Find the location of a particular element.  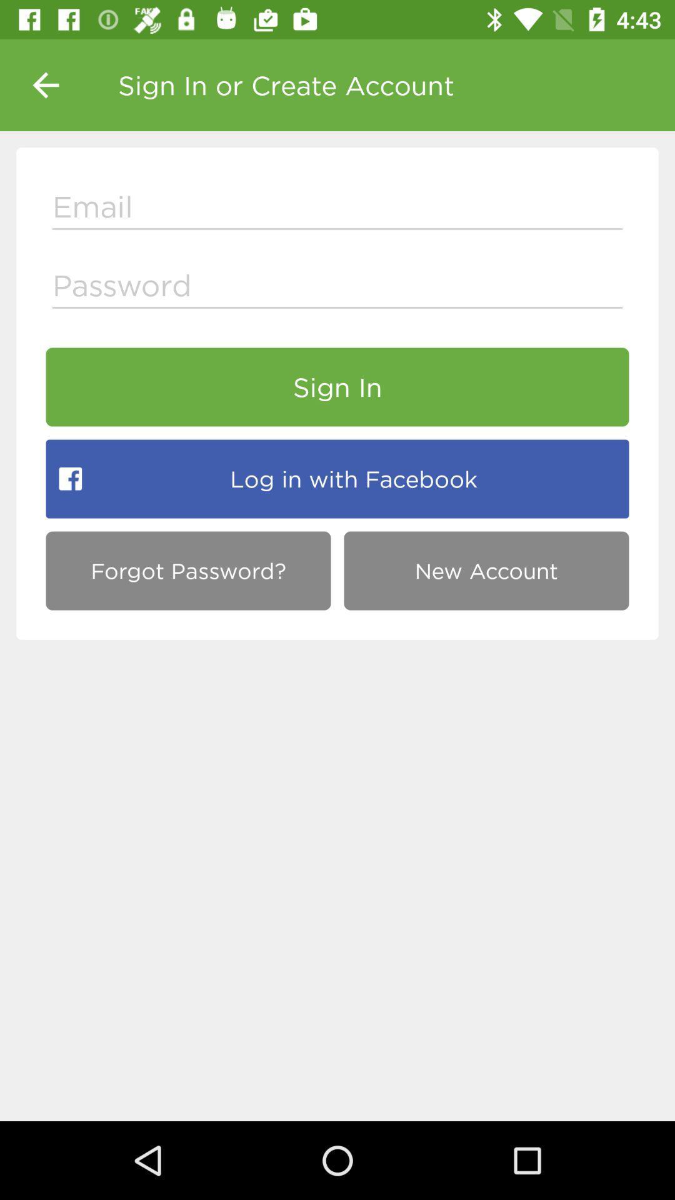

type in password is located at coordinates (337, 287).